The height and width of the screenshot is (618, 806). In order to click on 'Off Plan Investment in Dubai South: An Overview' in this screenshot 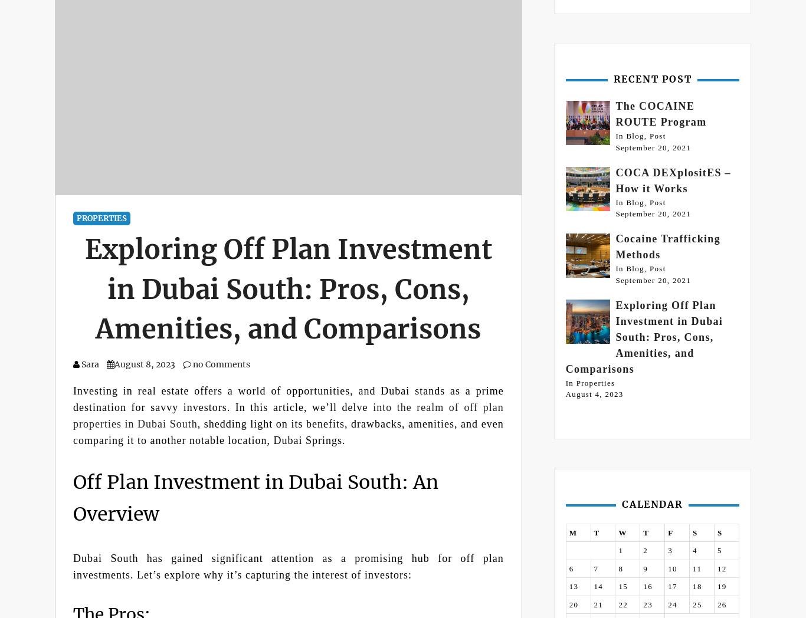, I will do `click(255, 498)`.